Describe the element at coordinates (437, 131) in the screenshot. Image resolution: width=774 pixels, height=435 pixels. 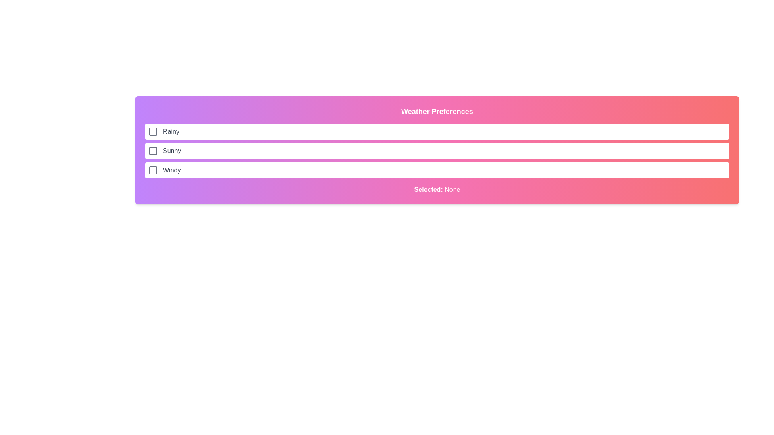
I see `the first selectable list item labeled 'Rainy' within the 'Weather Preferences' section` at that location.